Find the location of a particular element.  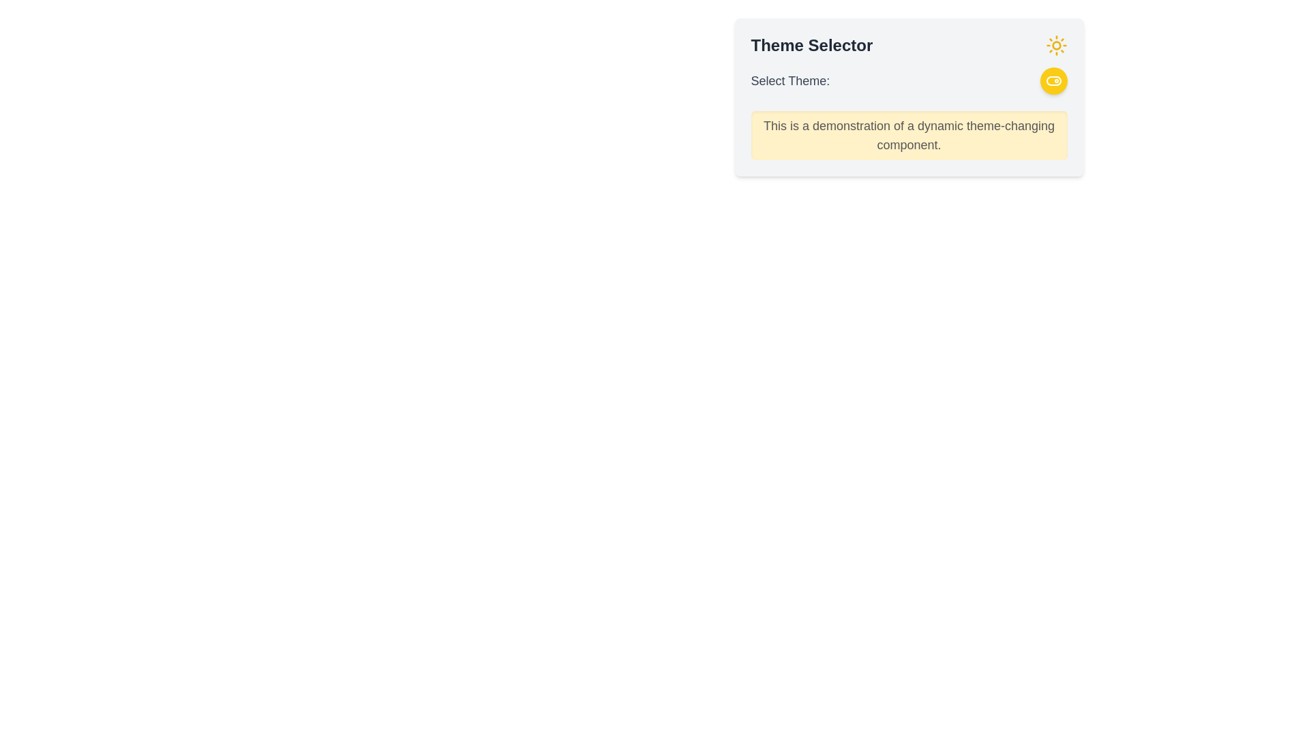

the solid circular shape at the center of the sun icon within the 'Theme Selector' panel is located at coordinates (1055, 44).